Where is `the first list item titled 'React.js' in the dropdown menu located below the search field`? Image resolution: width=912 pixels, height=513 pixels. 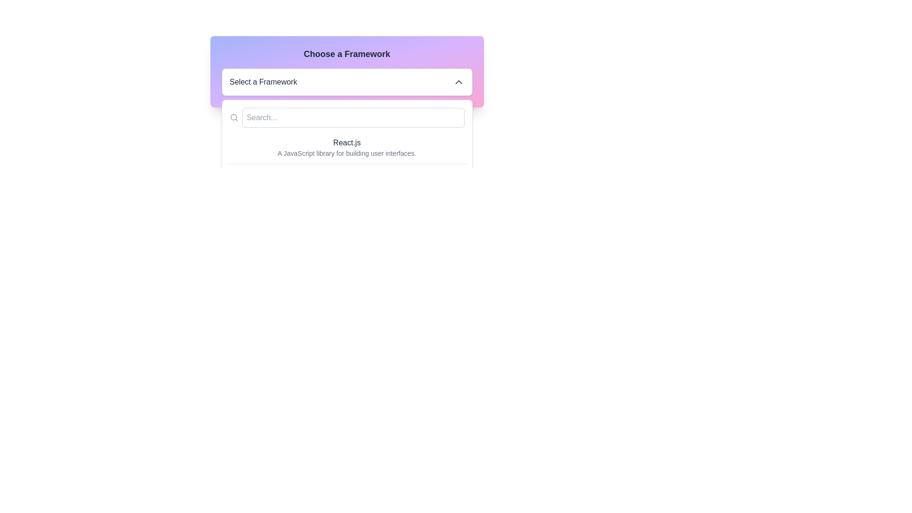 the first list item titled 'React.js' in the dropdown menu located below the search field is located at coordinates (346, 148).